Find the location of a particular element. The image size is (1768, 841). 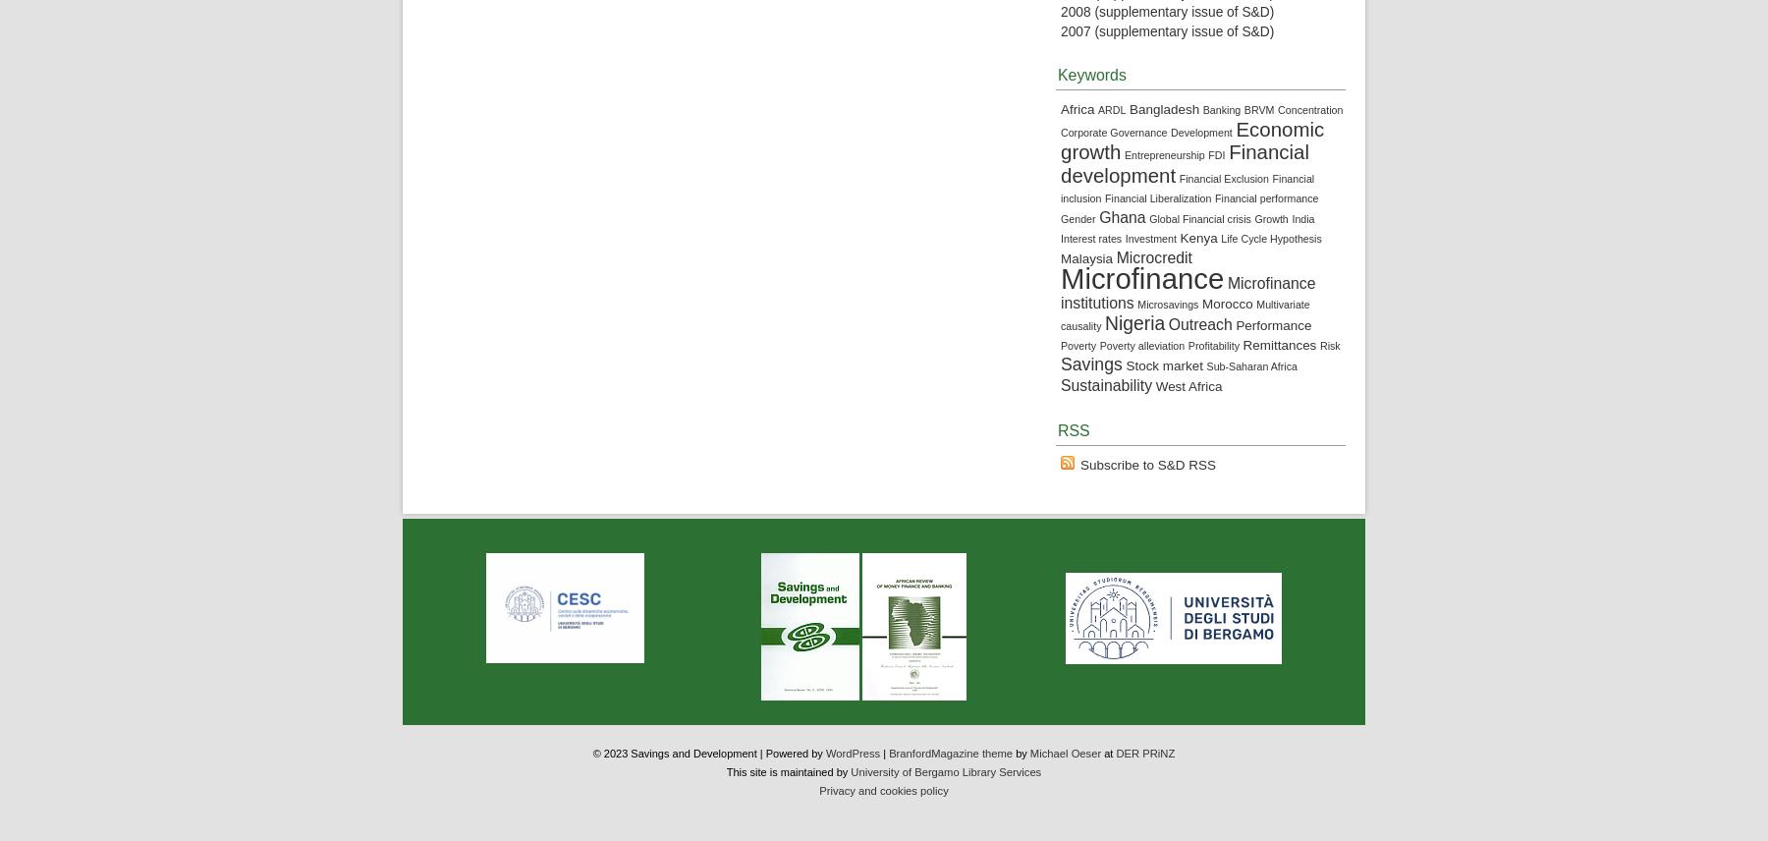

'Financial performance' is located at coordinates (1213, 196).